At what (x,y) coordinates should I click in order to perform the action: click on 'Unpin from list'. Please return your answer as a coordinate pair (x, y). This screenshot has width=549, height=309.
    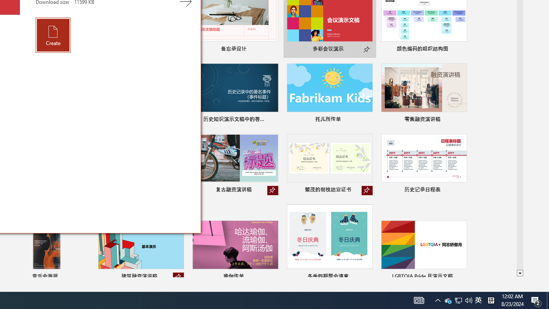
    Looking at the image, I should click on (178, 277).